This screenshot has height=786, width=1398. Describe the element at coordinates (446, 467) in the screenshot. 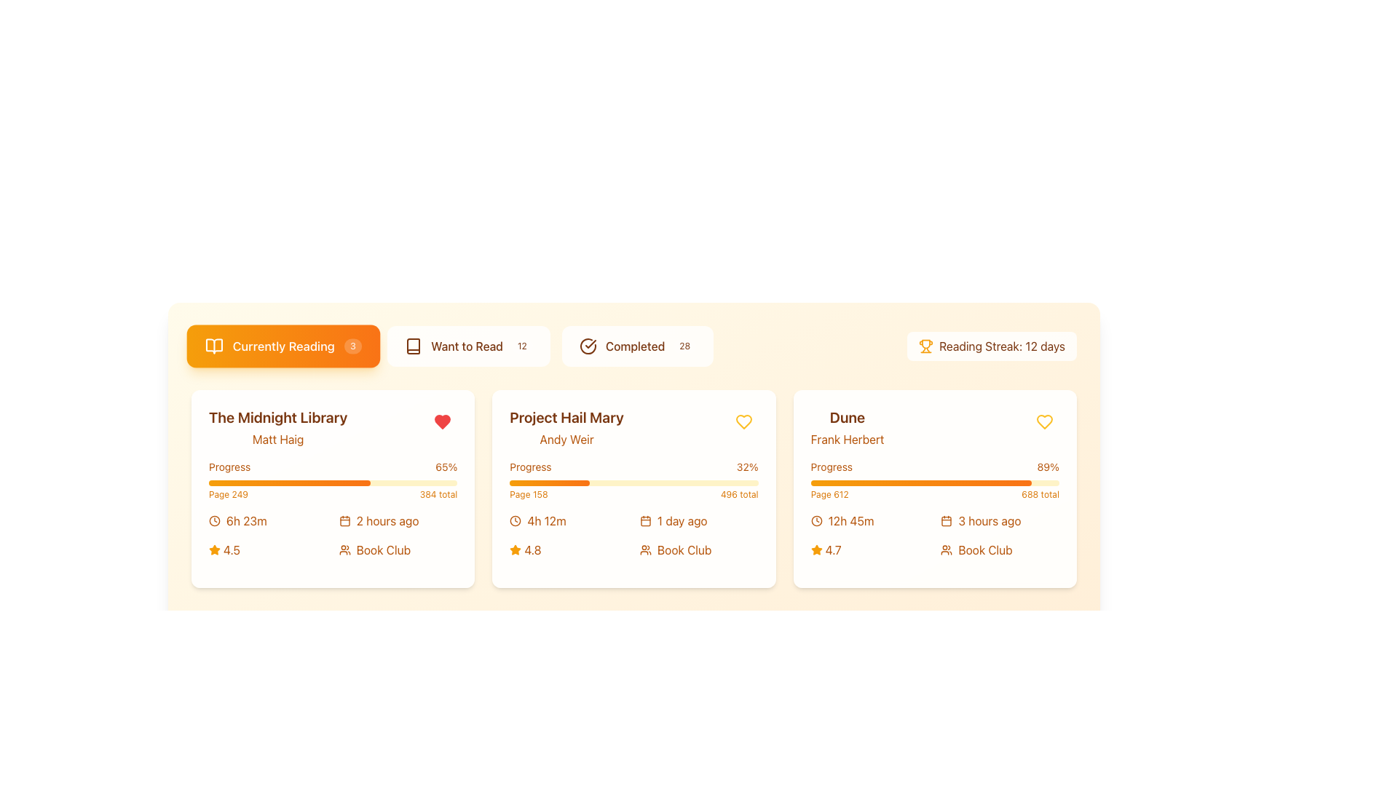

I see `the static text label displaying '65%' in bold orange font, located to the right of the 'Progress' label in the progress section of the 'The Midnight Library' card layout` at that location.